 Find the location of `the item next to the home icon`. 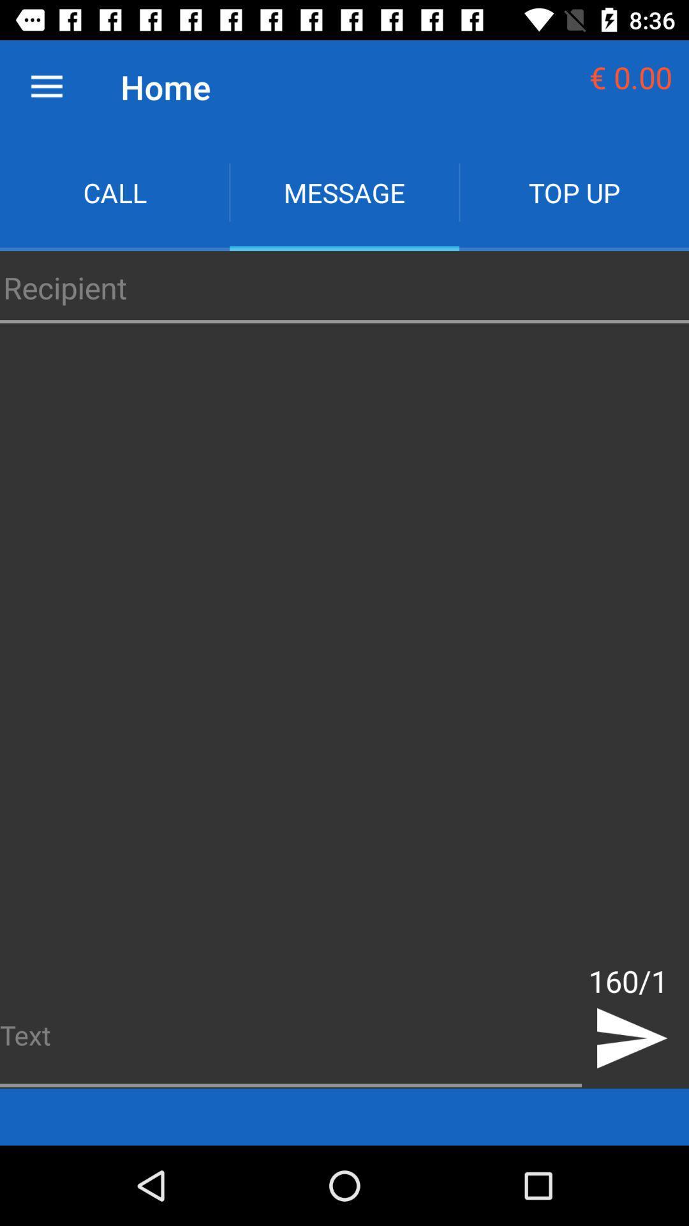

the item next to the home icon is located at coordinates (46, 86).